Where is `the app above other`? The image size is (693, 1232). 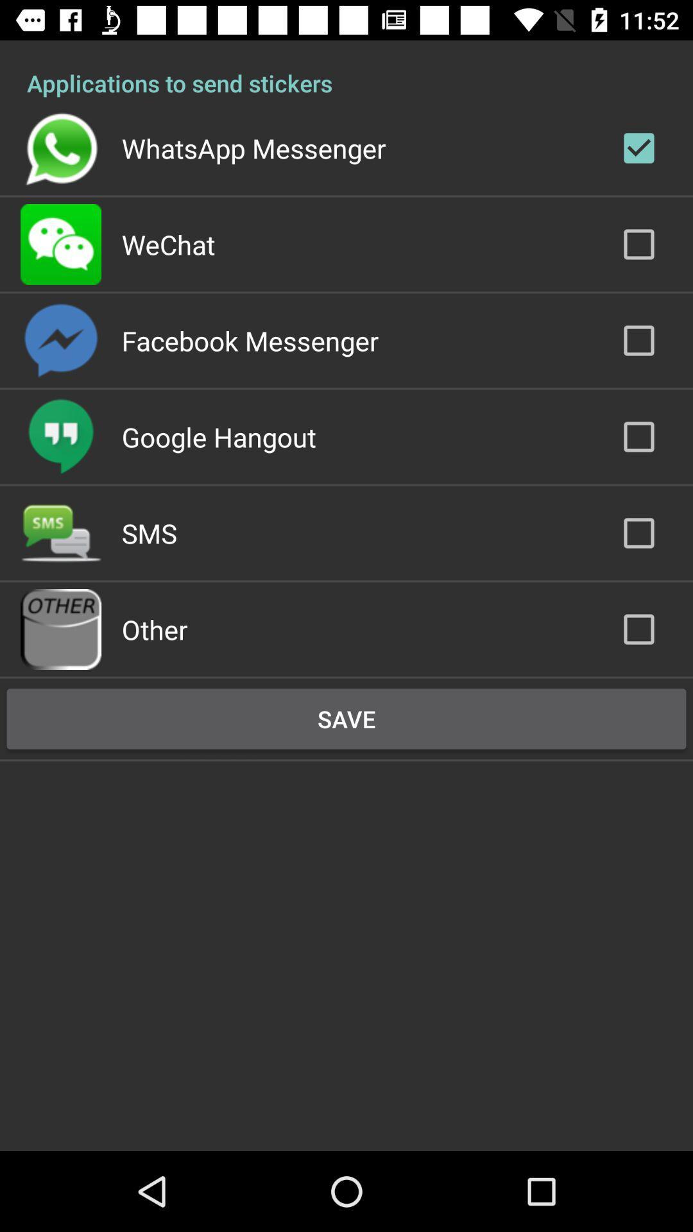
the app above other is located at coordinates (148, 533).